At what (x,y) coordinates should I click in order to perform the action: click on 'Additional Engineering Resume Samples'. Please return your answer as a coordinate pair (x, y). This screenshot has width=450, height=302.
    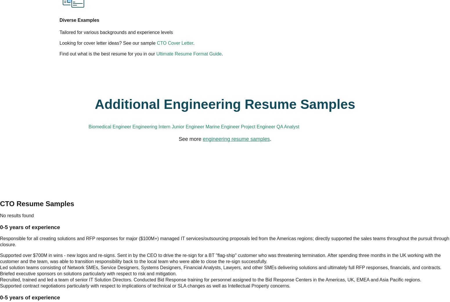
    Looking at the image, I should click on (225, 63).